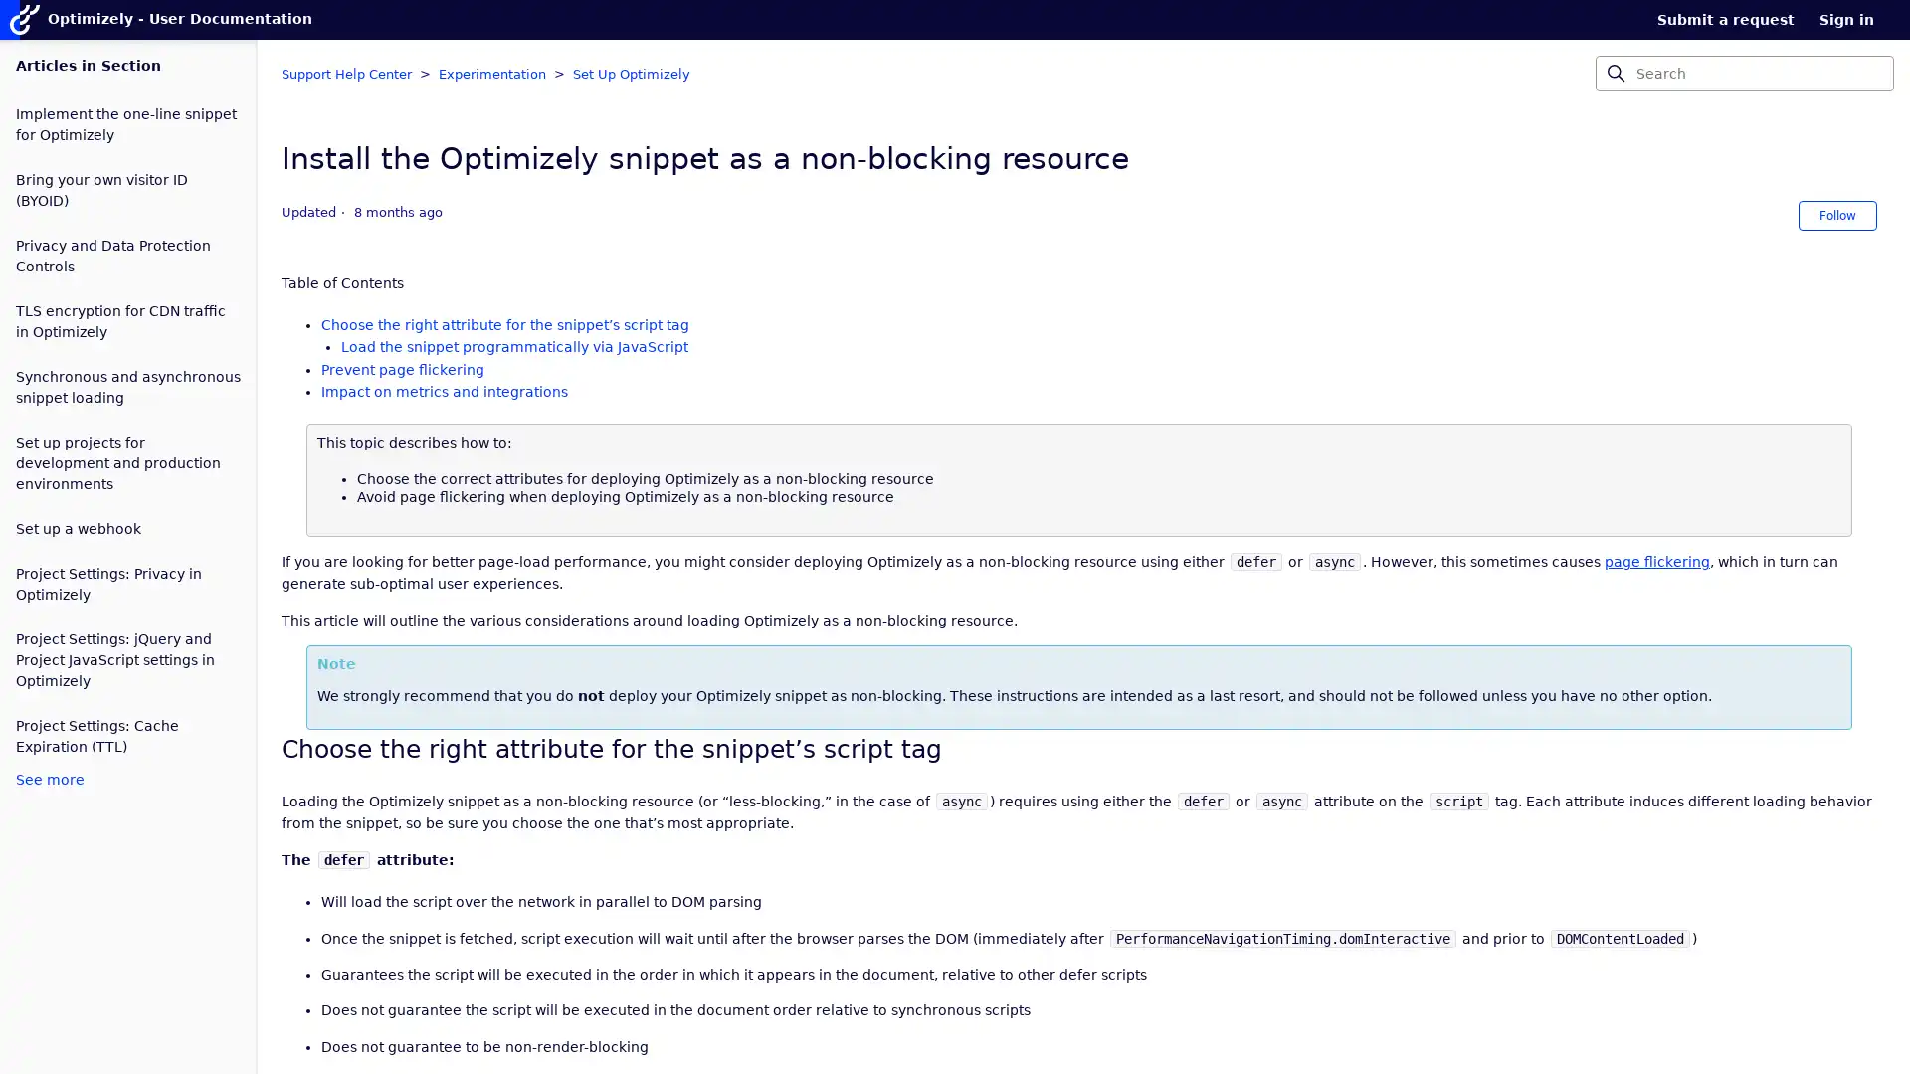  I want to click on Sign in, so click(1855, 19).